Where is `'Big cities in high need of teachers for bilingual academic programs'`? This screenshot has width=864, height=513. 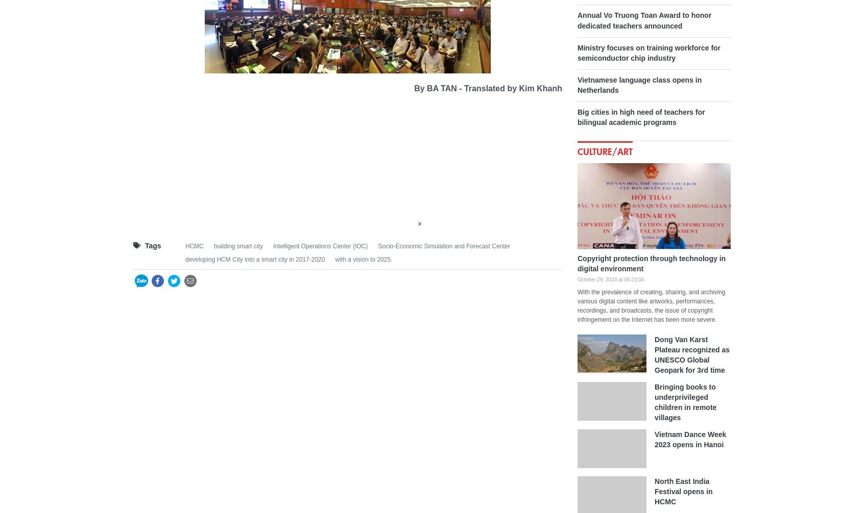
'Big cities in high need of teachers for bilingual academic programs' is located at coordinates (641, 116).